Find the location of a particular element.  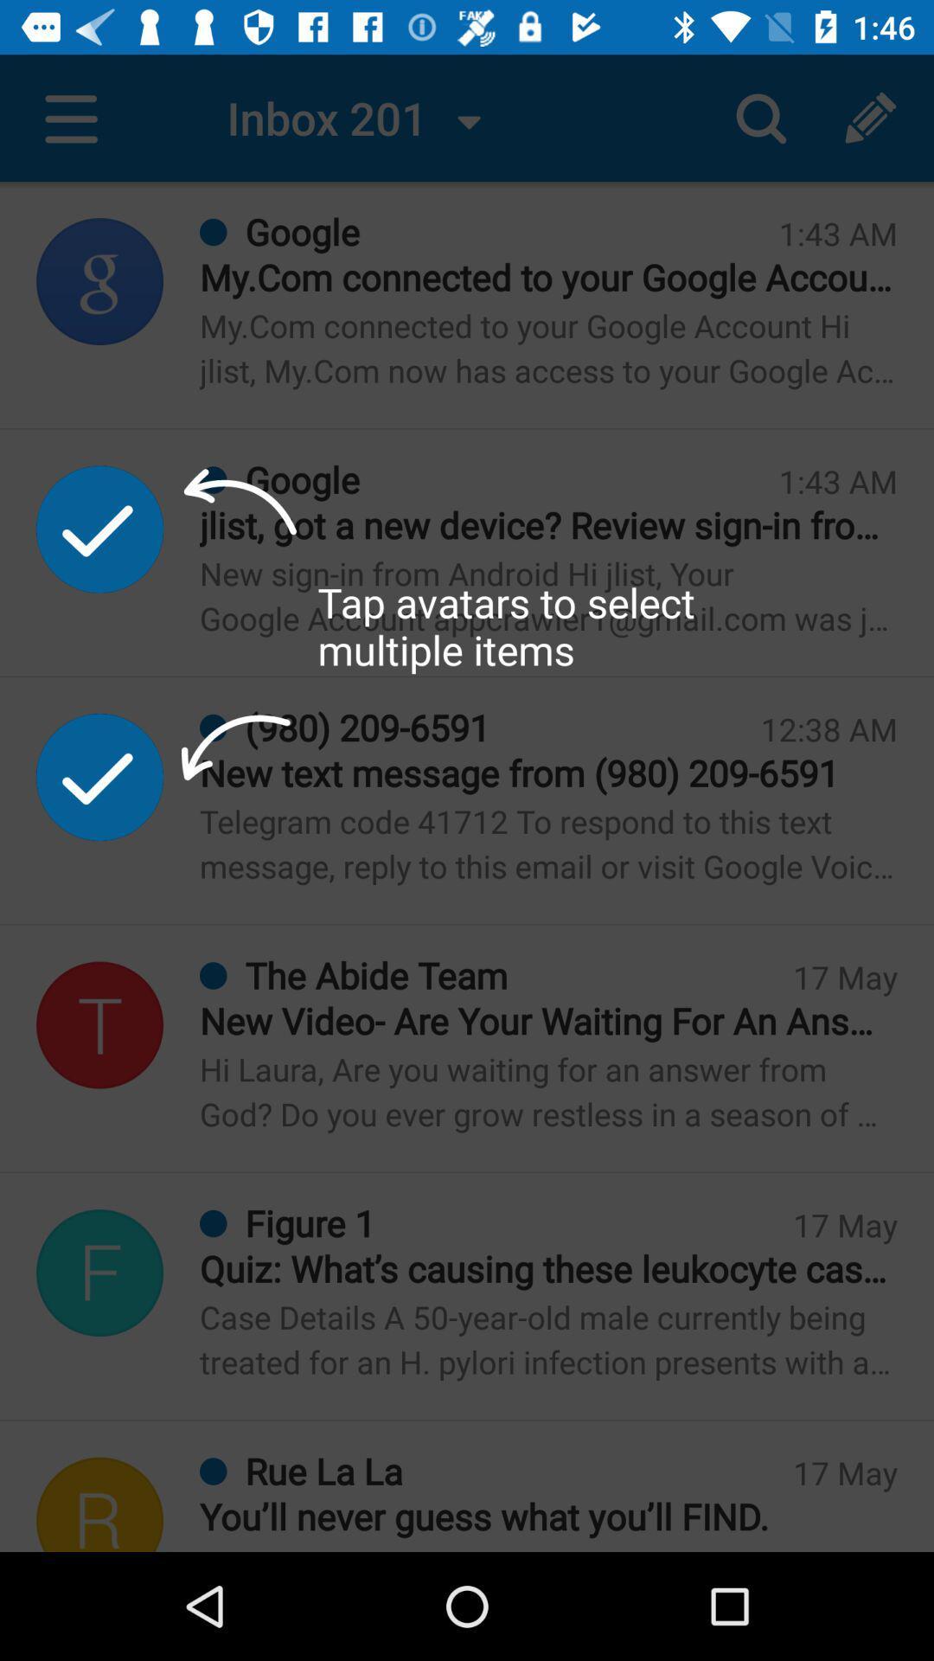

r is located at coordinates (99, 1504).